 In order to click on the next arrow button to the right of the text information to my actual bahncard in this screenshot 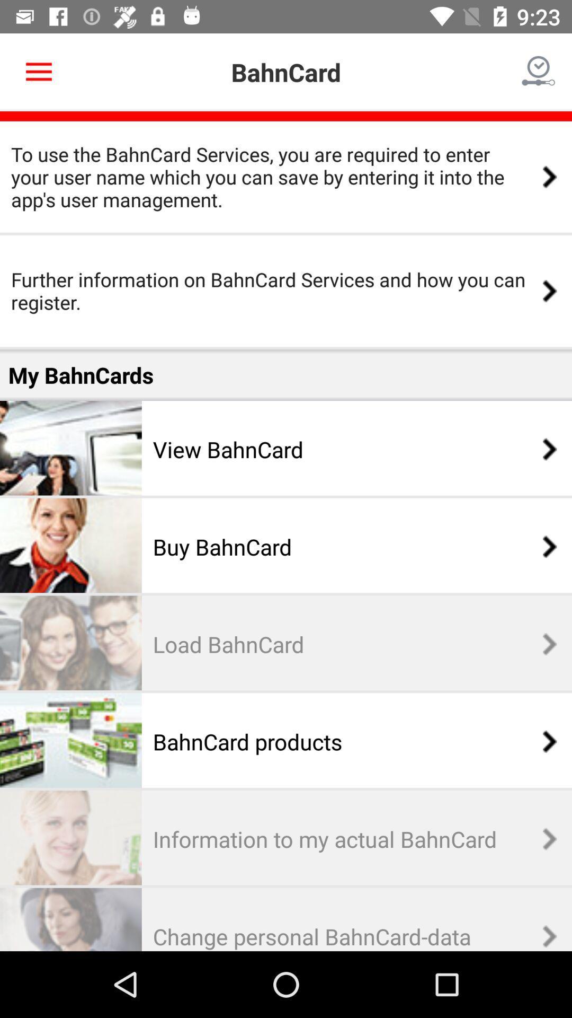, I will do `click(544, 838)`.